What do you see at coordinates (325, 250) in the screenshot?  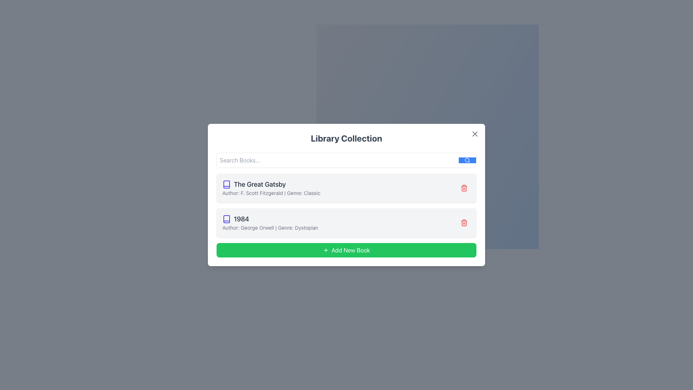 I see `the 'add' icon within the 'Add New Book' button located at the bottom of the modal dialog` at bounding box center [325, 250].